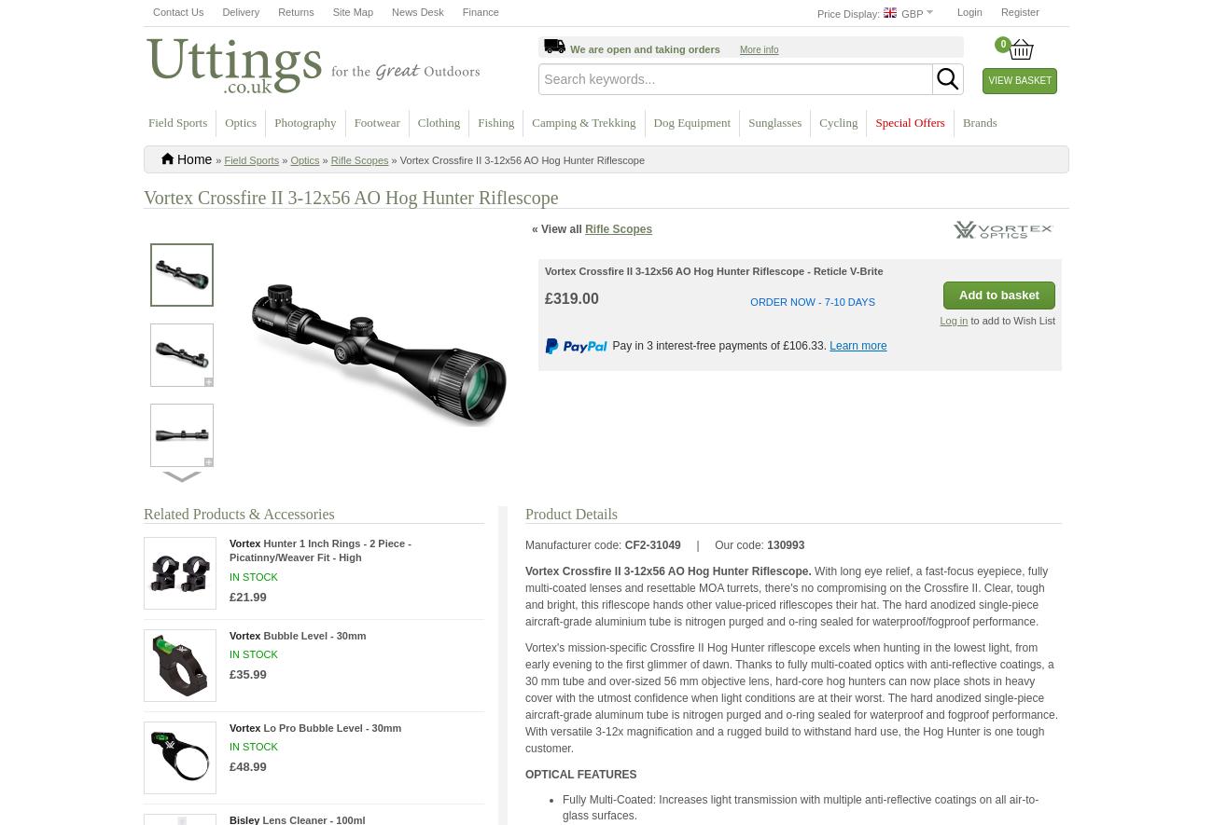 The height and width of the screenshot is (825, 1213). What do you see at coordinates (737, 48) in the screenshot?
I see `'More info'` at bounding box center [737, 48].